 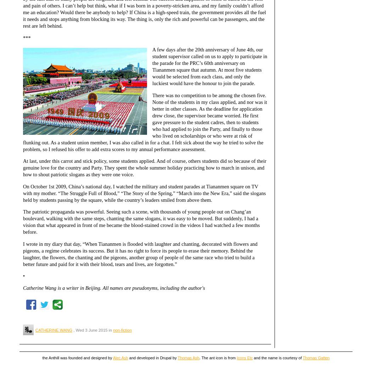 I want to click on 'and the name is courtesy of', so click(x=277, y=358).